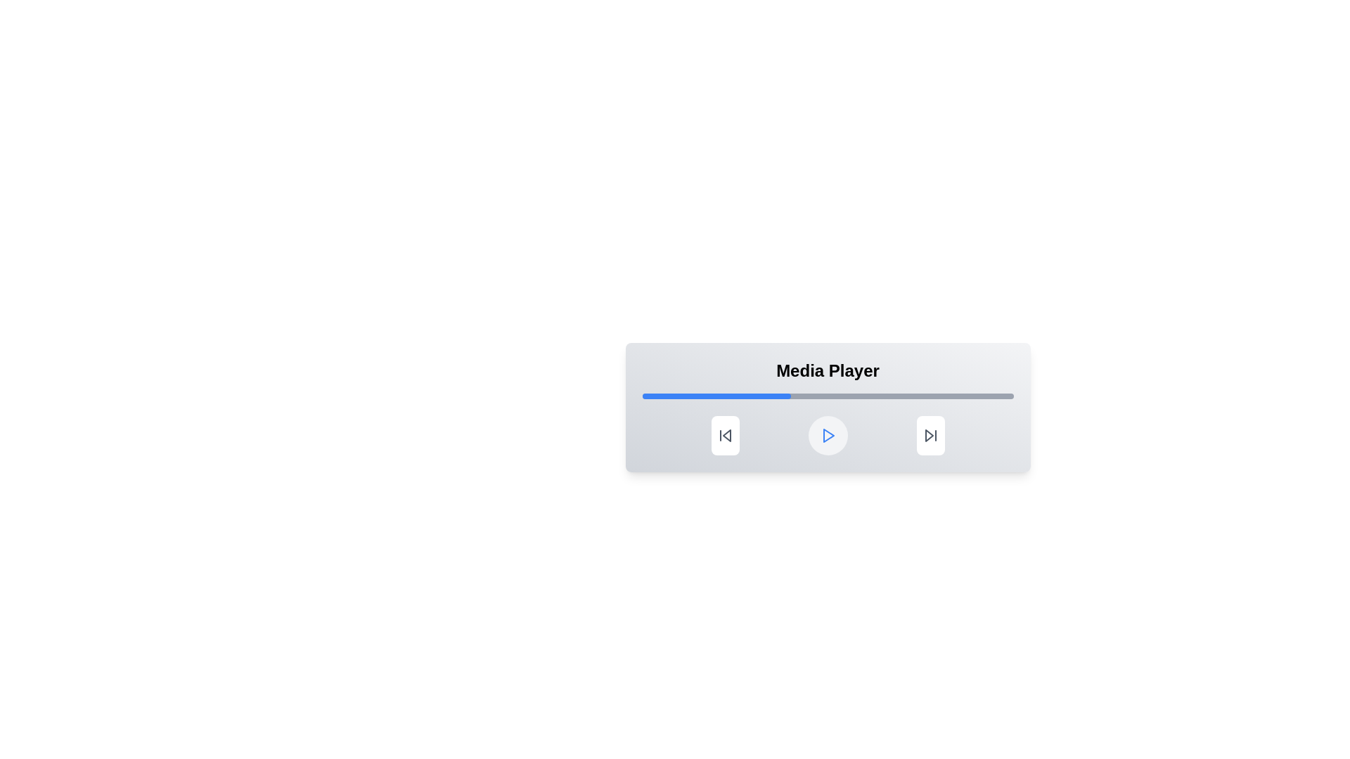  What do you see at coordinates (964, 396) in the screenshot?
I see `the progress bar` at bounding box center [964, 396].